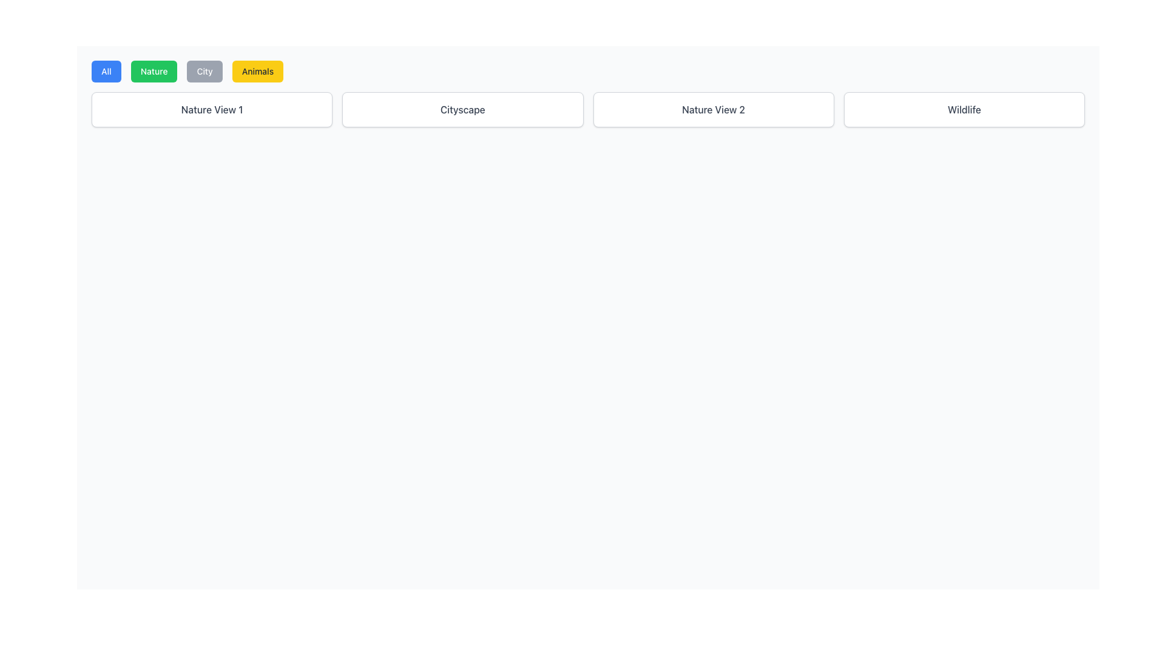 The height and width of the screenshot is (655, 1165). I want to click on the filter button labeled 'All', so click(106, 72).